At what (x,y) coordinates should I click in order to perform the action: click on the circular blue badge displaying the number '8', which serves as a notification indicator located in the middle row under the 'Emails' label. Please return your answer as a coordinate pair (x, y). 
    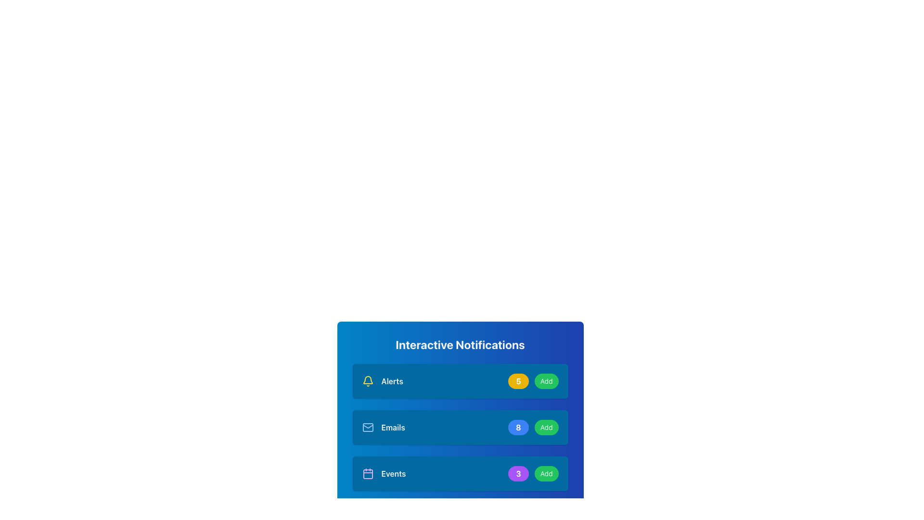
    Looking at the image, I should click on (518, 427).